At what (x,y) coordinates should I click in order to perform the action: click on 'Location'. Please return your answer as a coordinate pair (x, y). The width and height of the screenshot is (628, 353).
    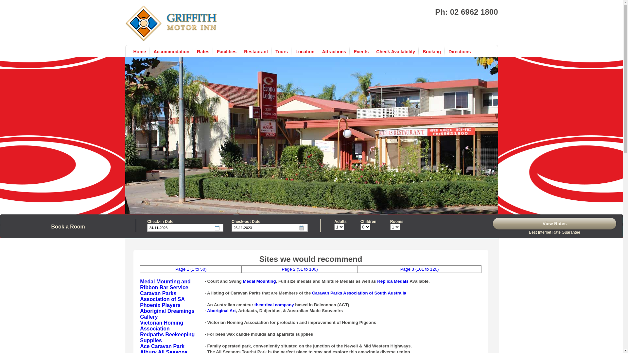
    Looking at the image, I should click on (304, 51).